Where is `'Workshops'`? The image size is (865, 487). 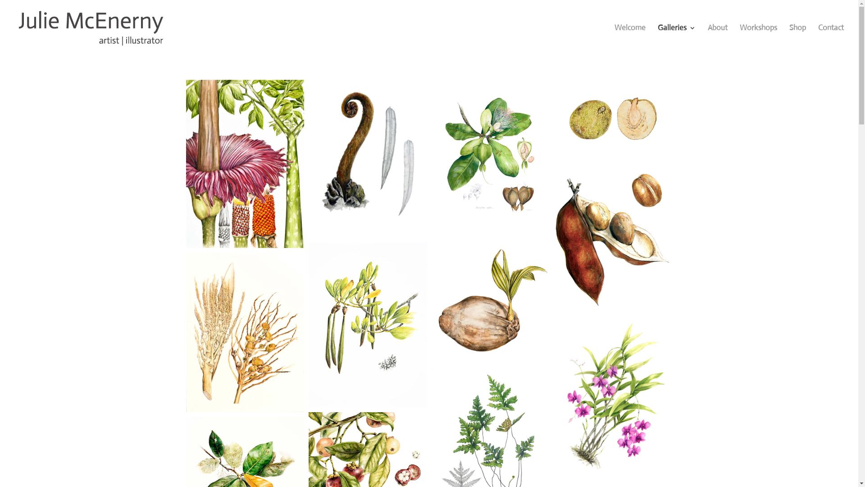 'Workshops' is located at coordinates (739, 40).